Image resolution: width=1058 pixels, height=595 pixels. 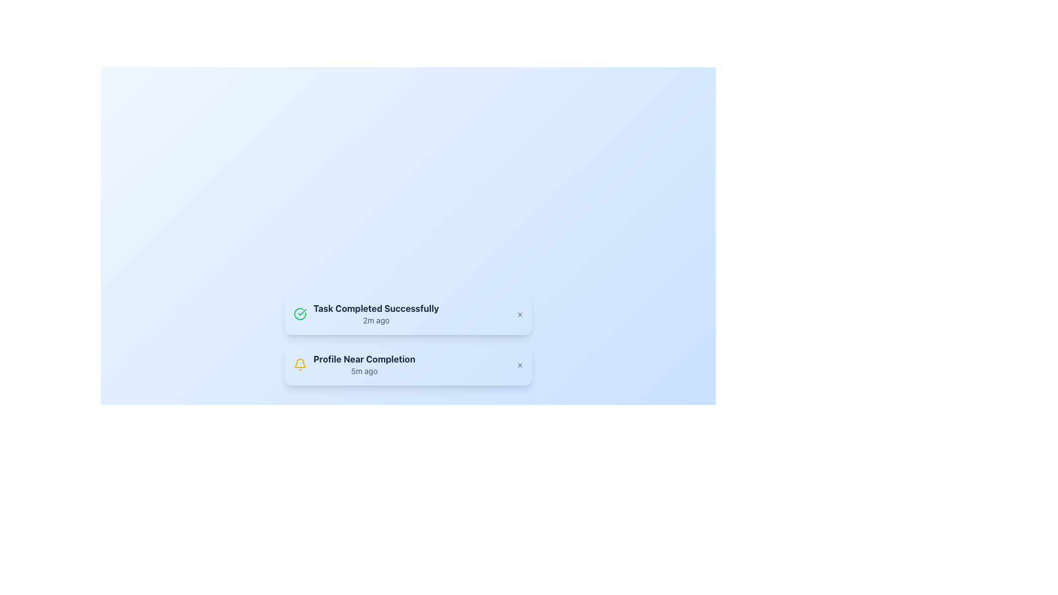 I want to click on the text label '2m ago', which is displayed in light gray, located below 'Task Completed Successfully' in a card-like UI component, so click(x=376, y=321).